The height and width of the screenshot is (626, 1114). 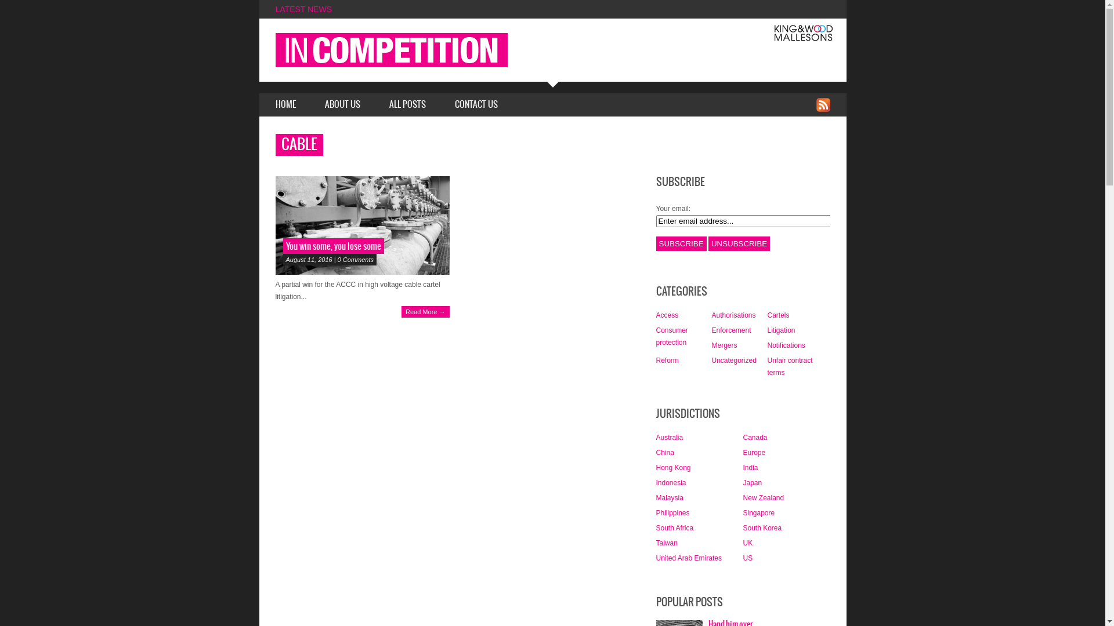 What do you see at coordinates (674, 527) in the screenshot?
I see `'South Africa'` at bounding box center [674, 527].